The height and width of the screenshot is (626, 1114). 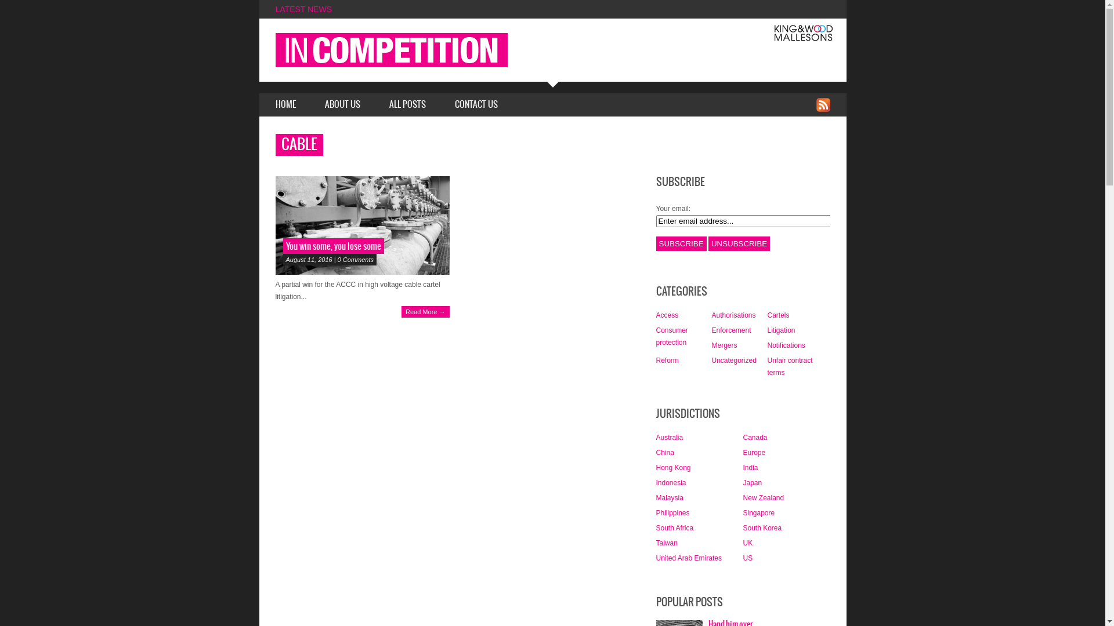 What do you see at coordinates (674, 527) in the screenshot?
I see `'South Africa'` at bounding box center [674, 527].